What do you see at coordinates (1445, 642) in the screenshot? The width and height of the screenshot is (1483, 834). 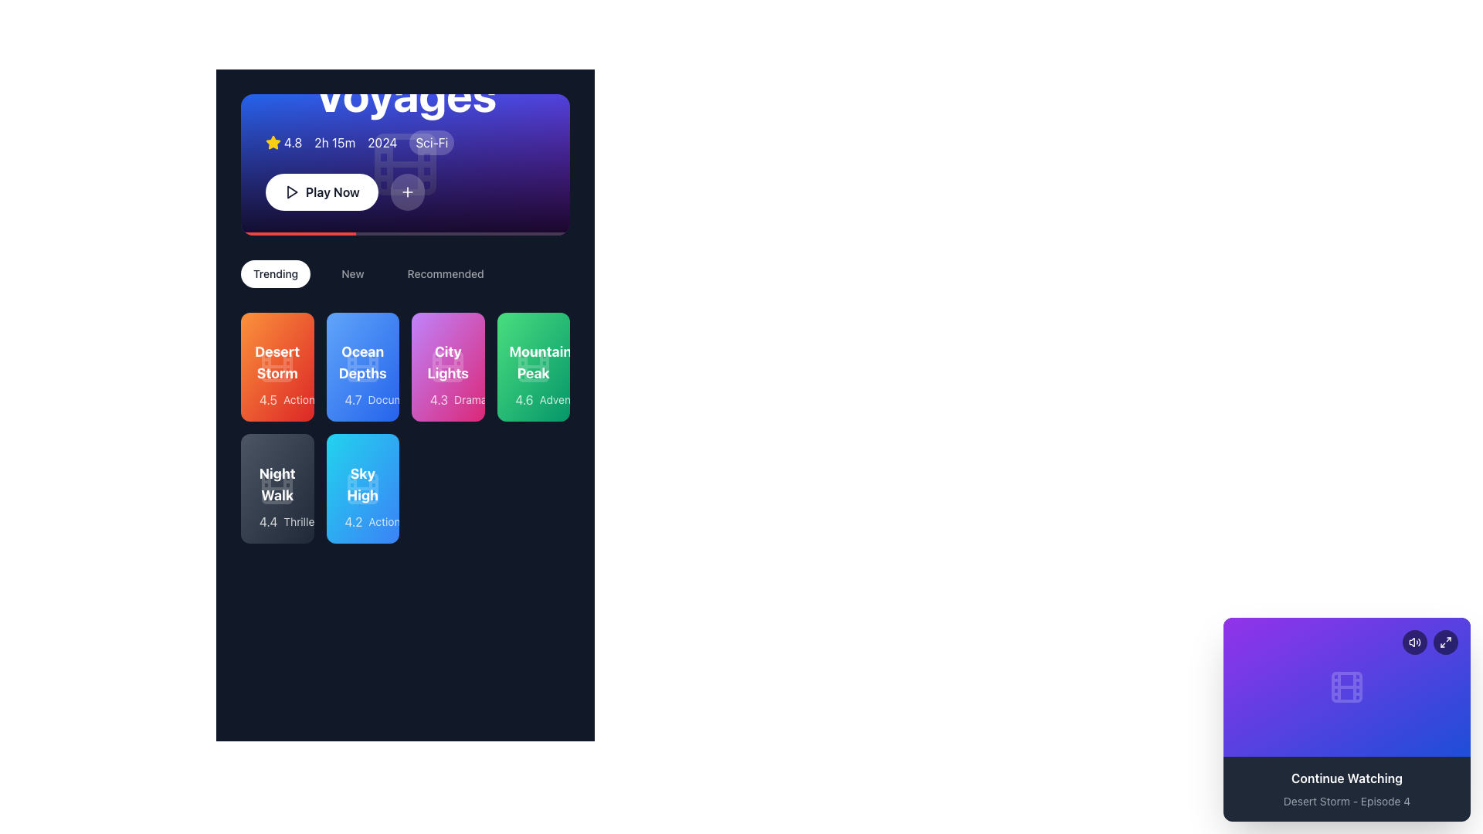 I see `the circular icon button in the top-right corner of the 'Continue Watching' card` at bounding box center [1445, 642].